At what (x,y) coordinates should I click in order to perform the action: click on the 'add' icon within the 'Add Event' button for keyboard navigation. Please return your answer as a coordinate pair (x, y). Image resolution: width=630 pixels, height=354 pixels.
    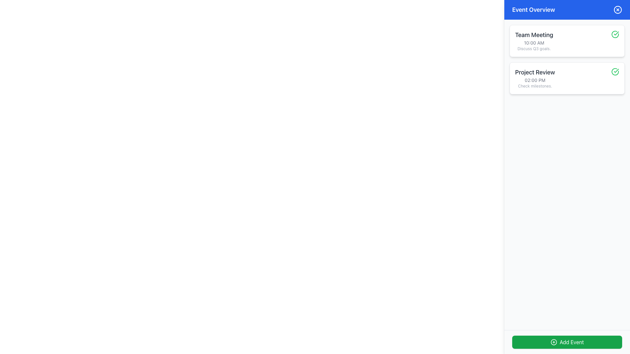
    Looking at the image, I should click on (553, 342).